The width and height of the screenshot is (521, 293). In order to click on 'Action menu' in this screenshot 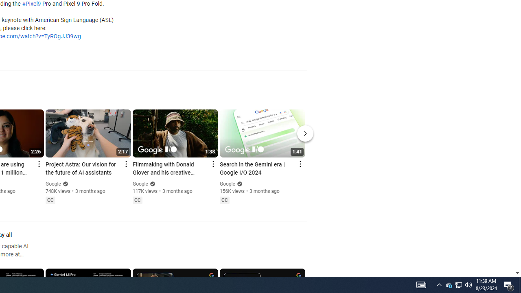, I will do `click(300, 164)`.